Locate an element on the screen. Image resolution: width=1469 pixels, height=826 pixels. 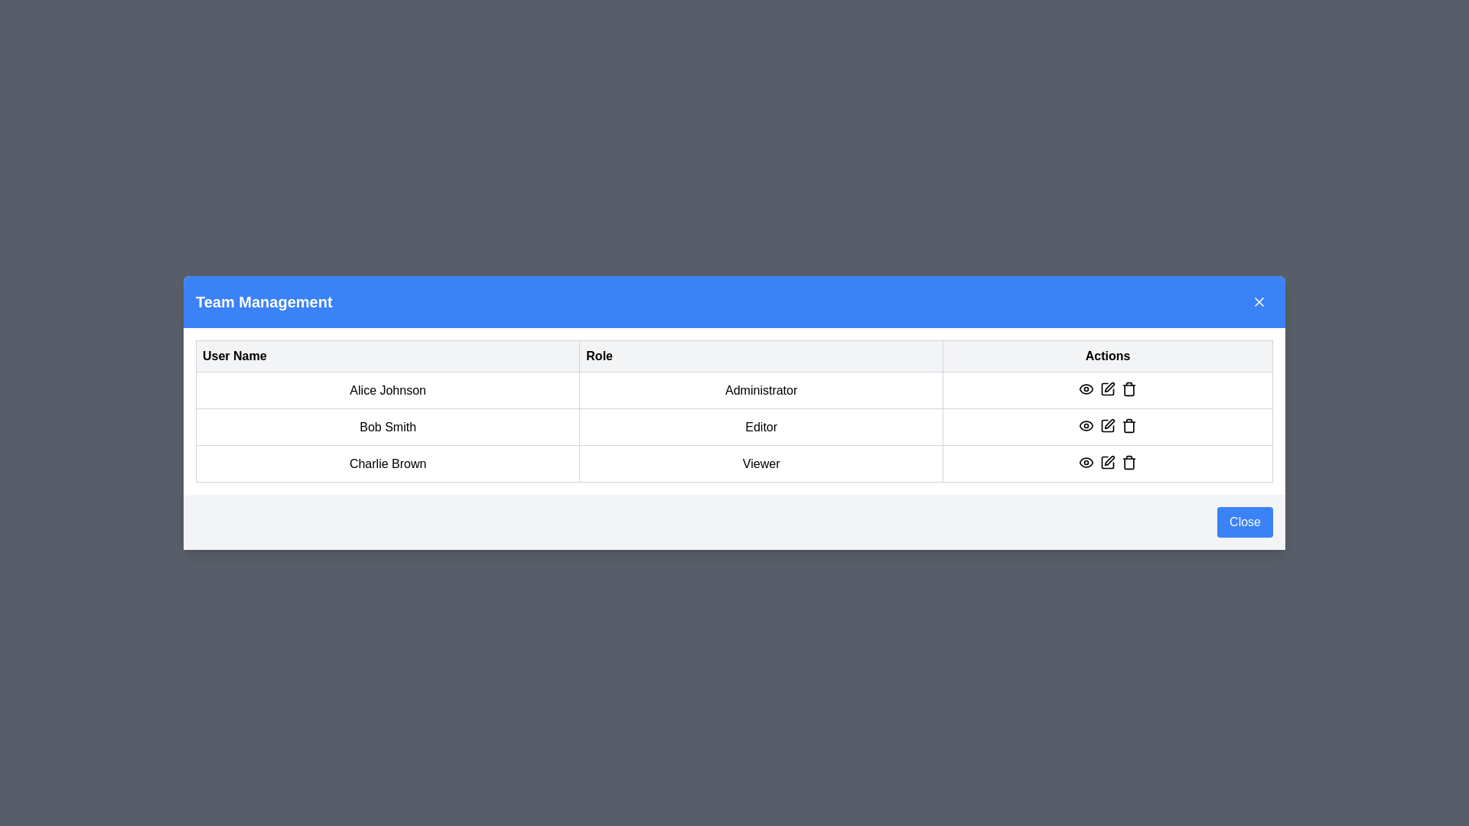
the pencil icon in the Actions column for user Alice Johnson to initiate editing is located at coordinates (1108, 389).